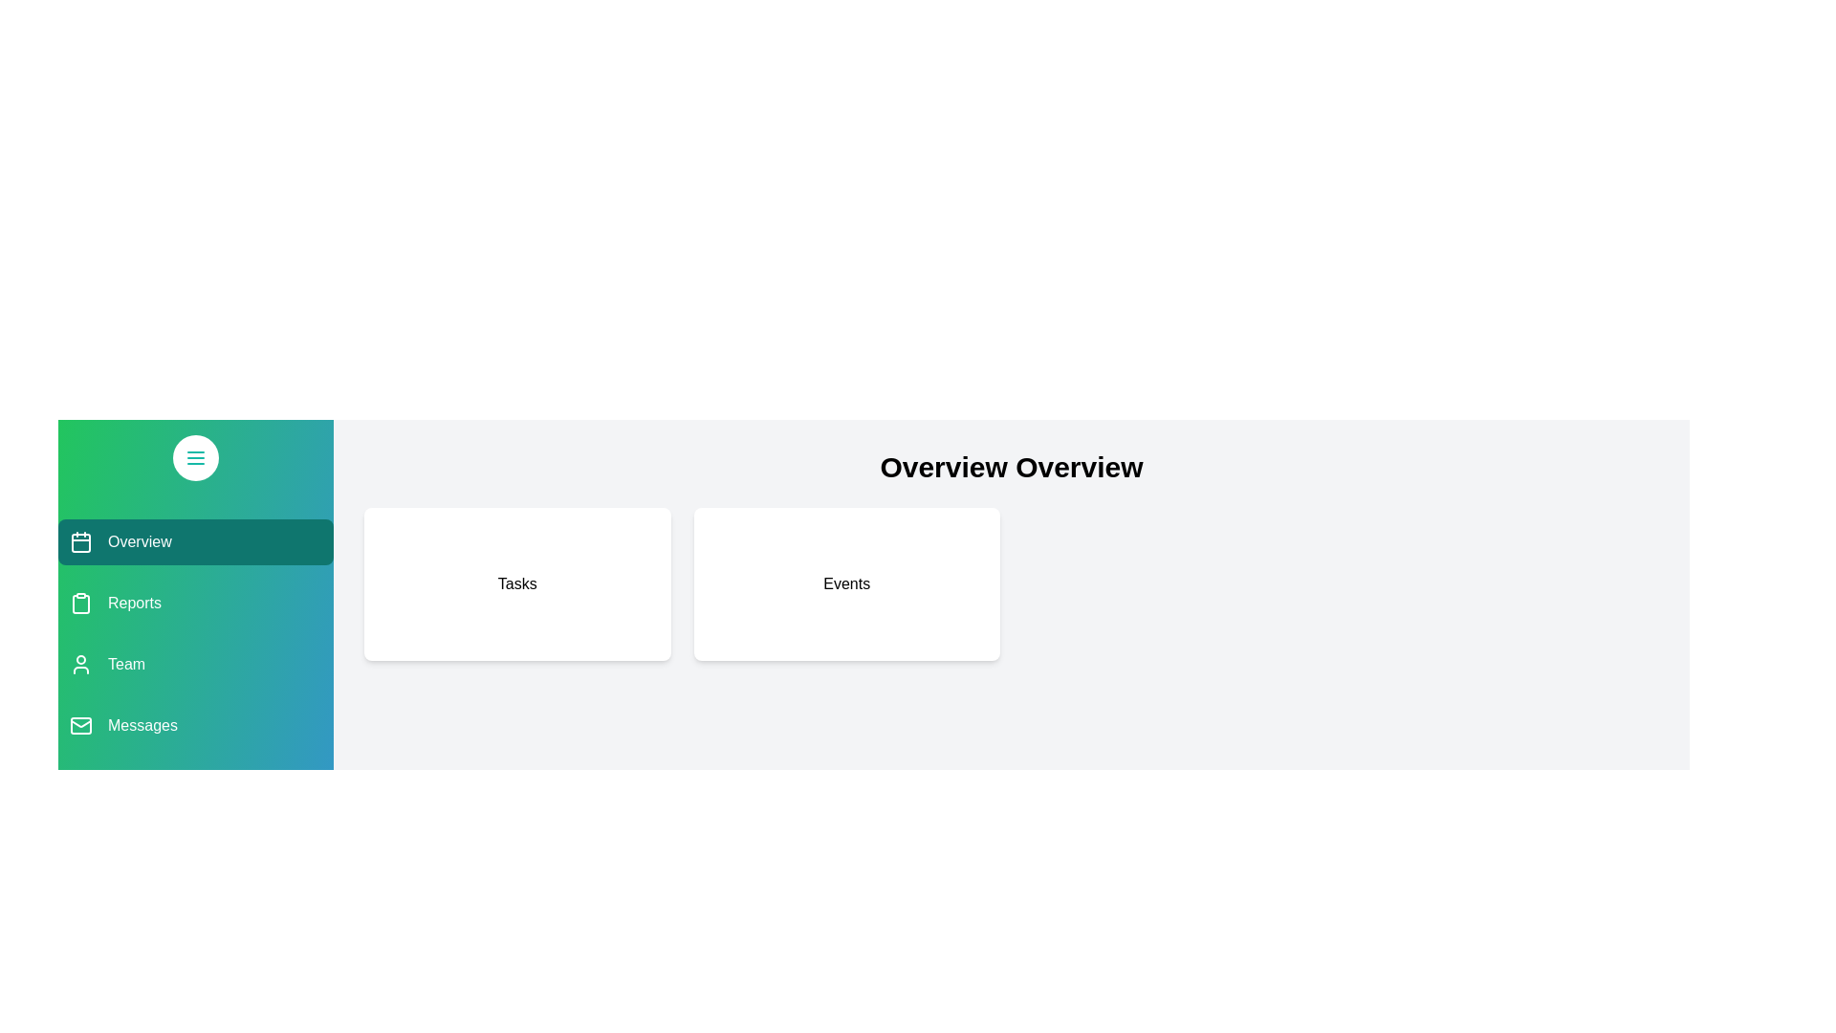 The width and height of the screenshot is (1836, 1033). What do you see at coordinates (196, 604) in the screenshot?
I see `the menu item labeled 'Reports' to see its hover effect` at bounding box center [196, 604].